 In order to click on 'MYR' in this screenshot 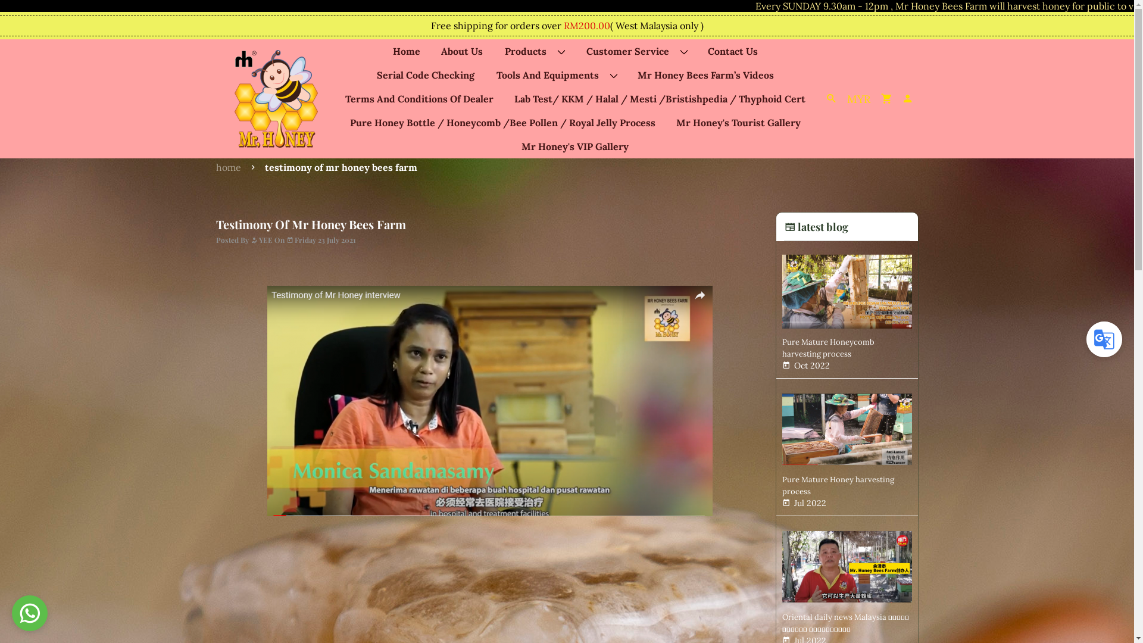, I will do `click(858, 98)`.